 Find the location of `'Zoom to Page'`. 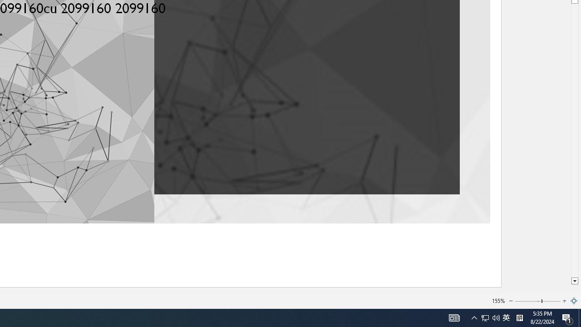

'Zoom to Page' is located at coordinates (574, 301).